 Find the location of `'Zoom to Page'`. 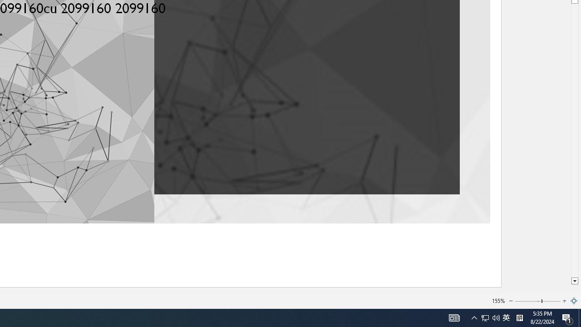

'Zoom to Page' is located at coordinates (574, 301).